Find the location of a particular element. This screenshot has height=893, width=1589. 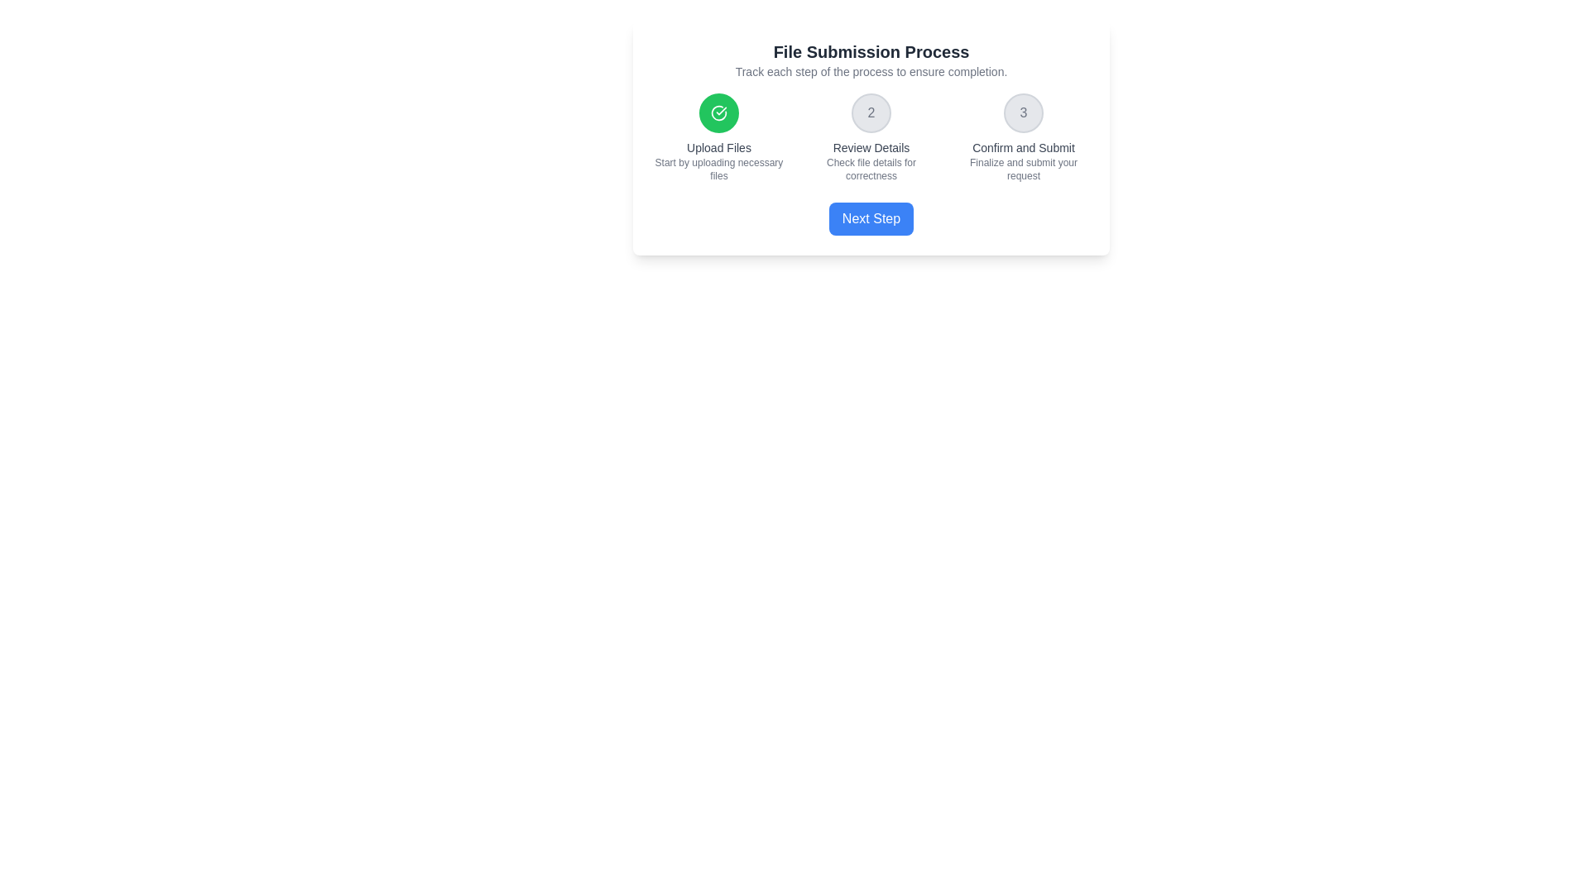

the Text label located directly beneath the heading titled 'File Submission Process', which provides guidance about the submission process is located at coordinates (870, 71).